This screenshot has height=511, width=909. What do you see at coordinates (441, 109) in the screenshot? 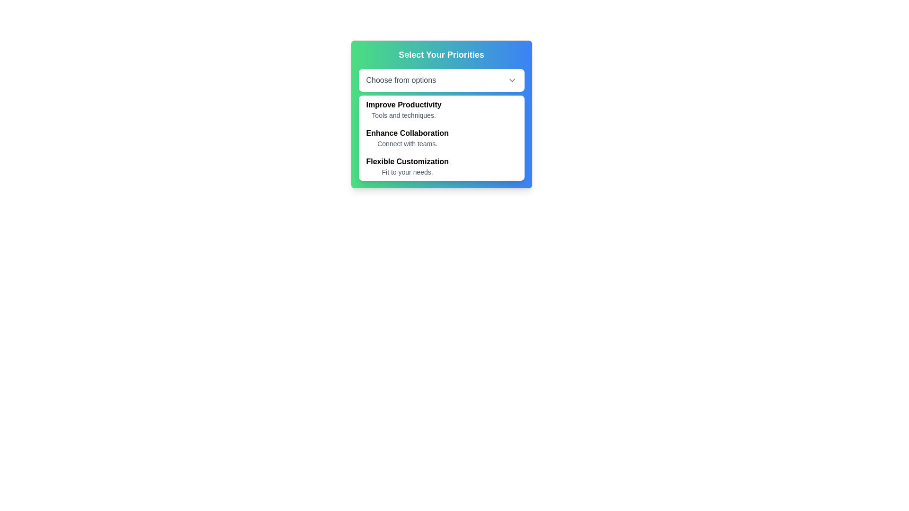
I see `the first list item titled 'Improve Productivity'` at bounding box center [441, 109].